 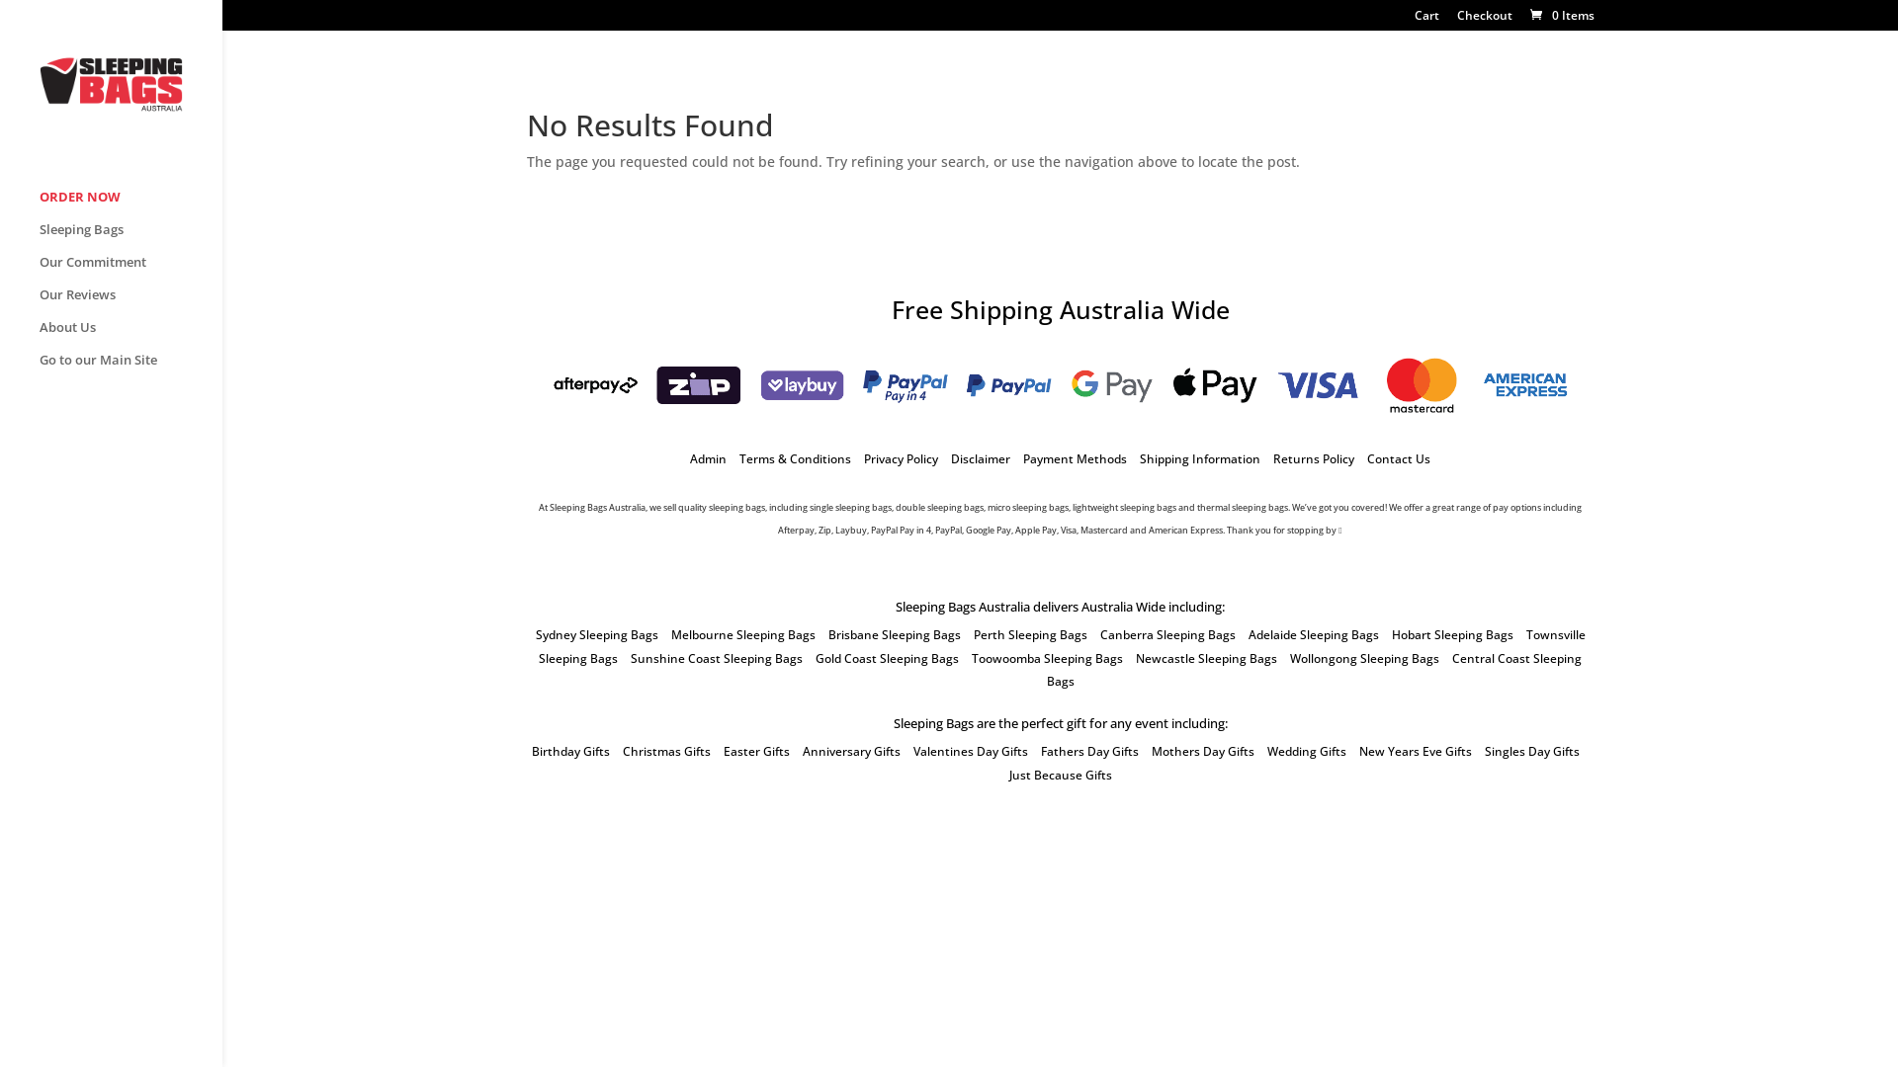 I want to click on 'Brisbane Sleeping Bags', so click(x=894, y=634).